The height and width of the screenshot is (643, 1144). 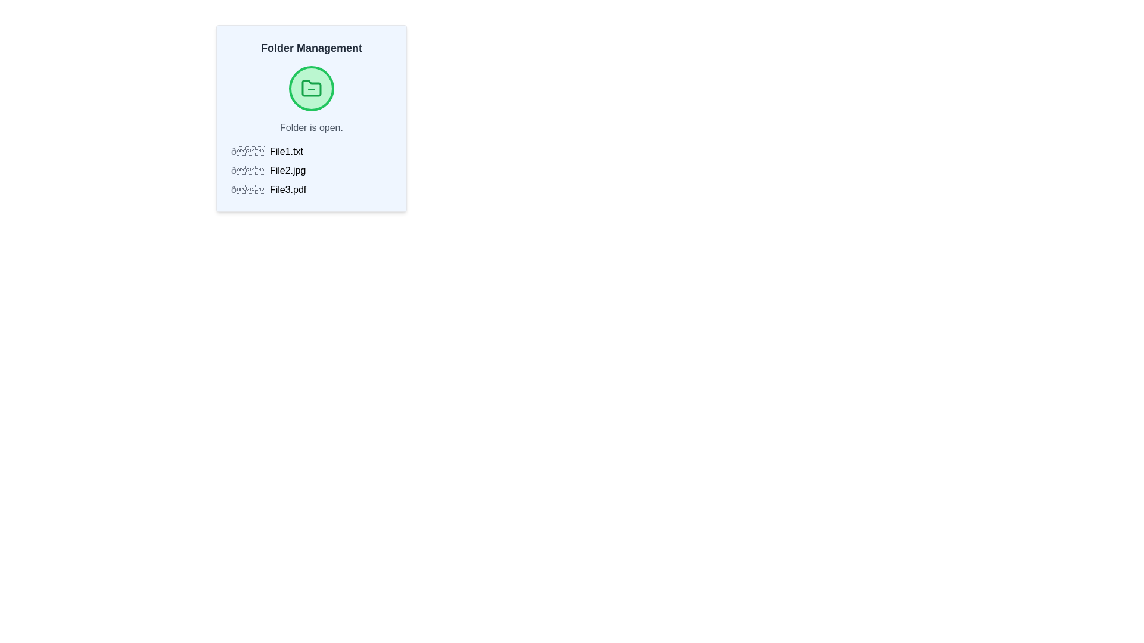 I want to click on the text label displaying 'File1.txt', which is the first item in a vertical list beneath the 'Folder is open.' text, and located directly below the folder icon, so click(x=286, y=151).